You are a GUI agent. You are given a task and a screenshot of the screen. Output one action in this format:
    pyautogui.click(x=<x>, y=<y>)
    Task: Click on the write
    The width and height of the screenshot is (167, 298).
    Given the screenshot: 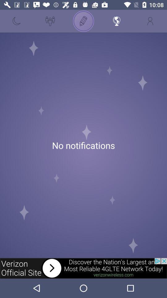 What is the action you would take?
    pyautogui.click(x=83, y=21)
    